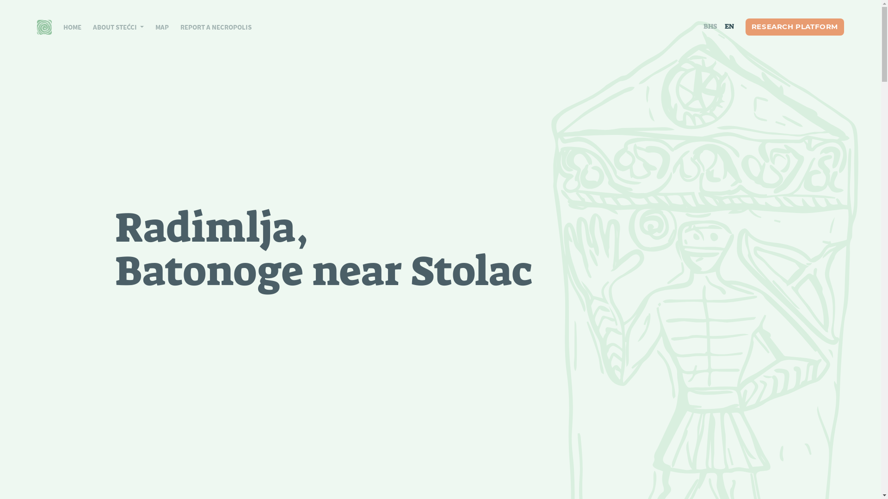 Image resolution: width=888 pixels, height=499 pixels. Describe the element at coordinates (156, 26) in the screenshot. I see `'MAP'` at that location.